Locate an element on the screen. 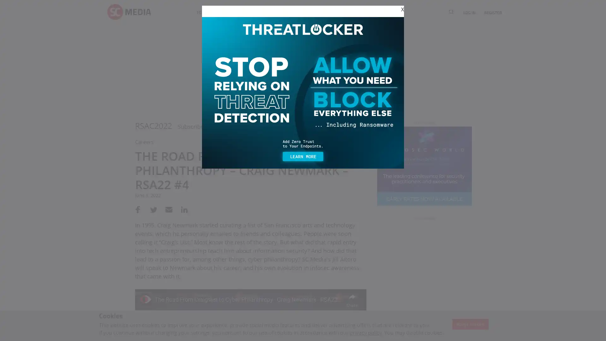  REGISTER is located at coordinates (490, 12).